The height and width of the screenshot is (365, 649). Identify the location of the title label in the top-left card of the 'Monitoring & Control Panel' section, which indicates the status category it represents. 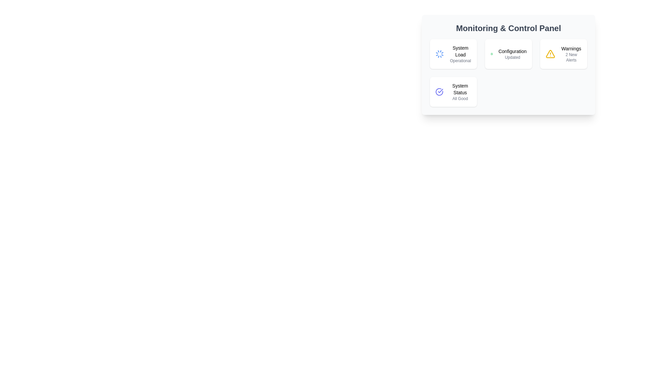
(460, 51).